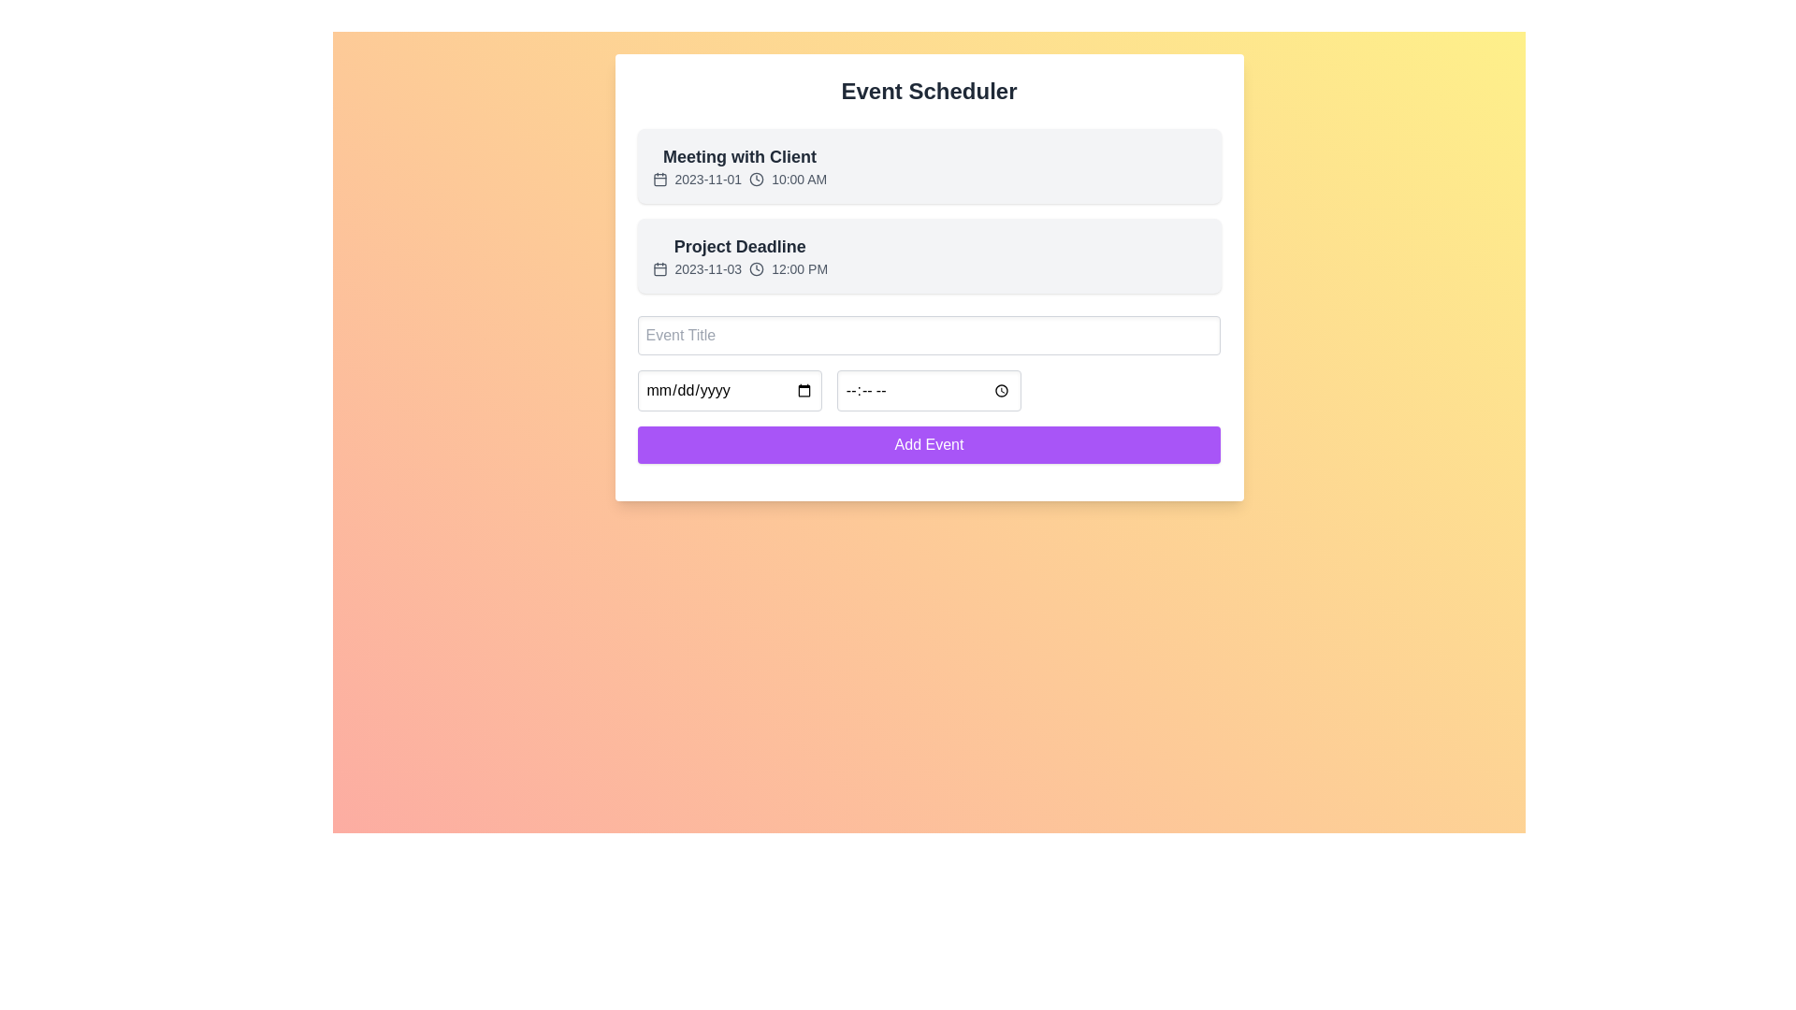  What do you see at coordinates (739, 245) in the screenshot?
I see `the text label 'Project Deadline' which is styled in bold and located at the top of the second event card in the event list` at bounding box center [739, 245].